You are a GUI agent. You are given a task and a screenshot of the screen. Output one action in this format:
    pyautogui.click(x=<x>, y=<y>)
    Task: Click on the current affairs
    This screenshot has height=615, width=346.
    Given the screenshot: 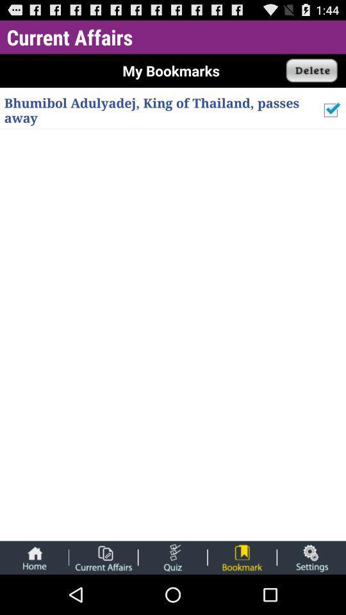 What is the action you would take?
    pyautogui.click(x=103, y=557)
    